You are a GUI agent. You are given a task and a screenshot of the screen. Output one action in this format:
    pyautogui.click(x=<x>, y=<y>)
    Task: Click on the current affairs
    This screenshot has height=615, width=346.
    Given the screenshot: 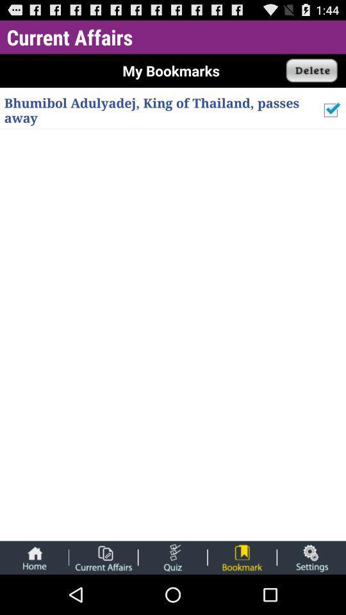 What is the action you would take?
    pyautogui.click(x=103, y=557)
    